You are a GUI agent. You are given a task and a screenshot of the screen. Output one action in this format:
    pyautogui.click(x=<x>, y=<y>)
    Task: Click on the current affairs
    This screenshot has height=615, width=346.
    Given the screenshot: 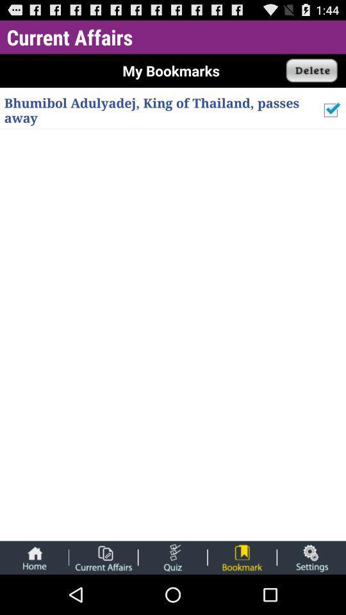 What is the action you would take?
    pyautogui.click(x=103, y=557)
    